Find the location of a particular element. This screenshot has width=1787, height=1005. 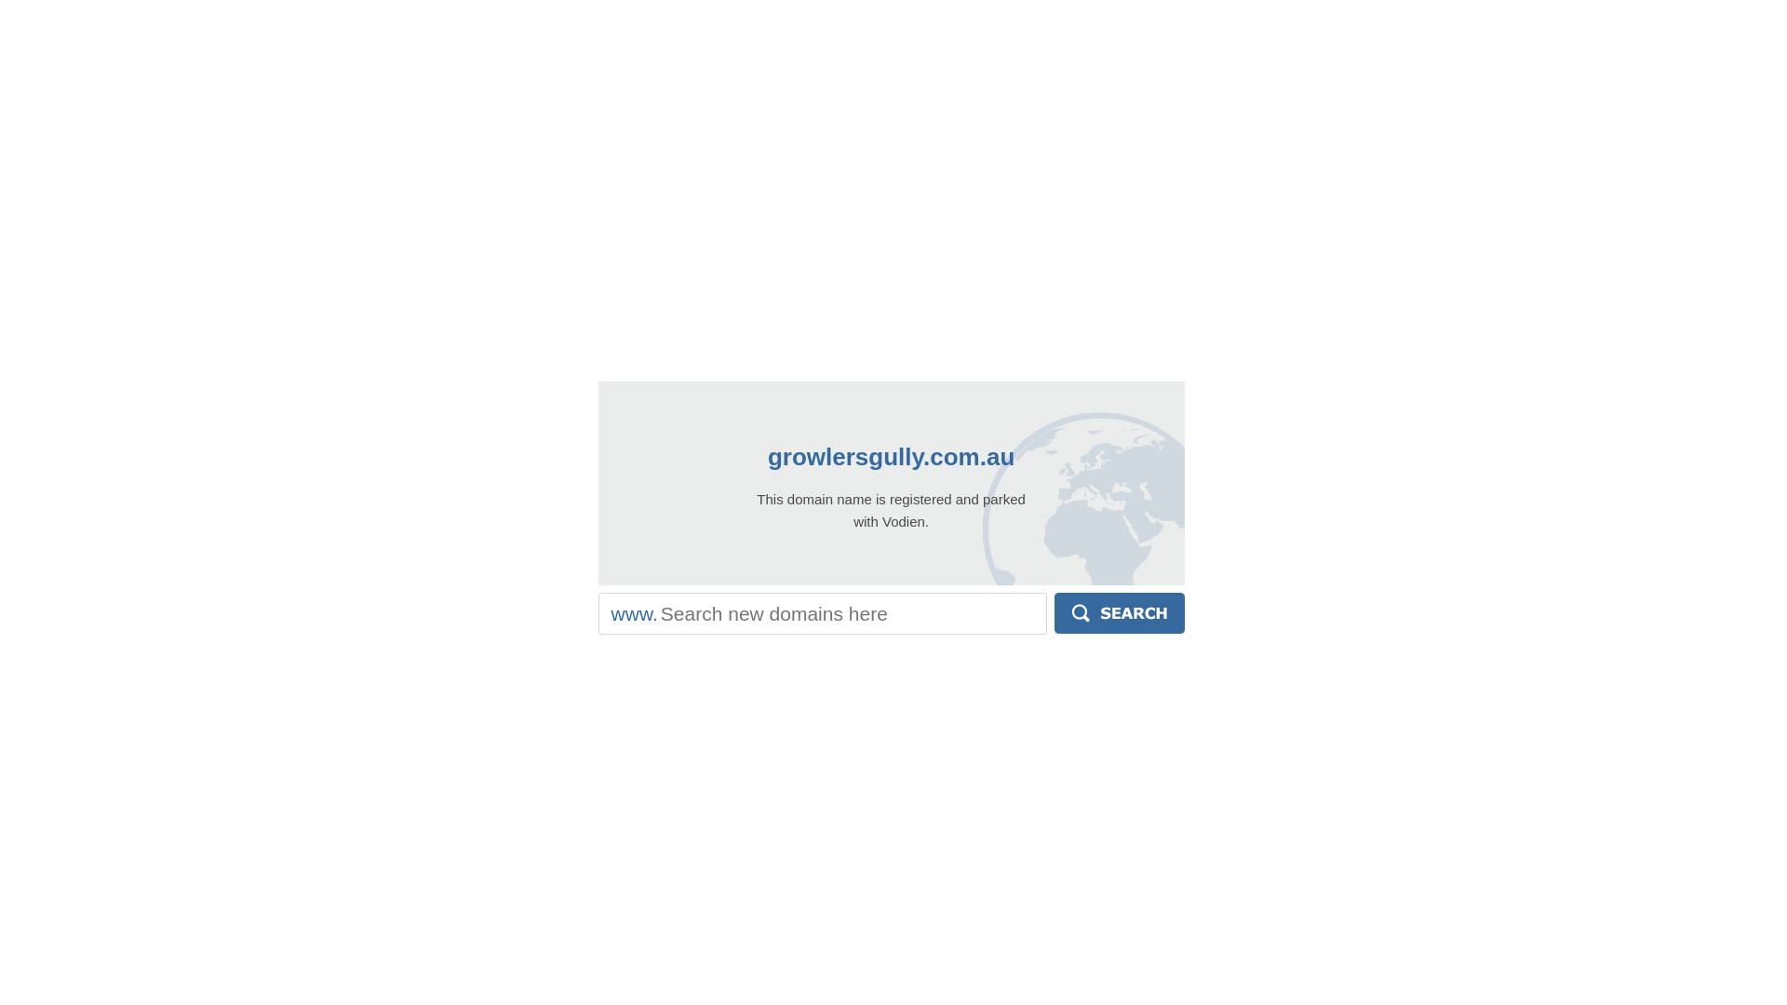

'Search' is located at coordinates (1119, 613).